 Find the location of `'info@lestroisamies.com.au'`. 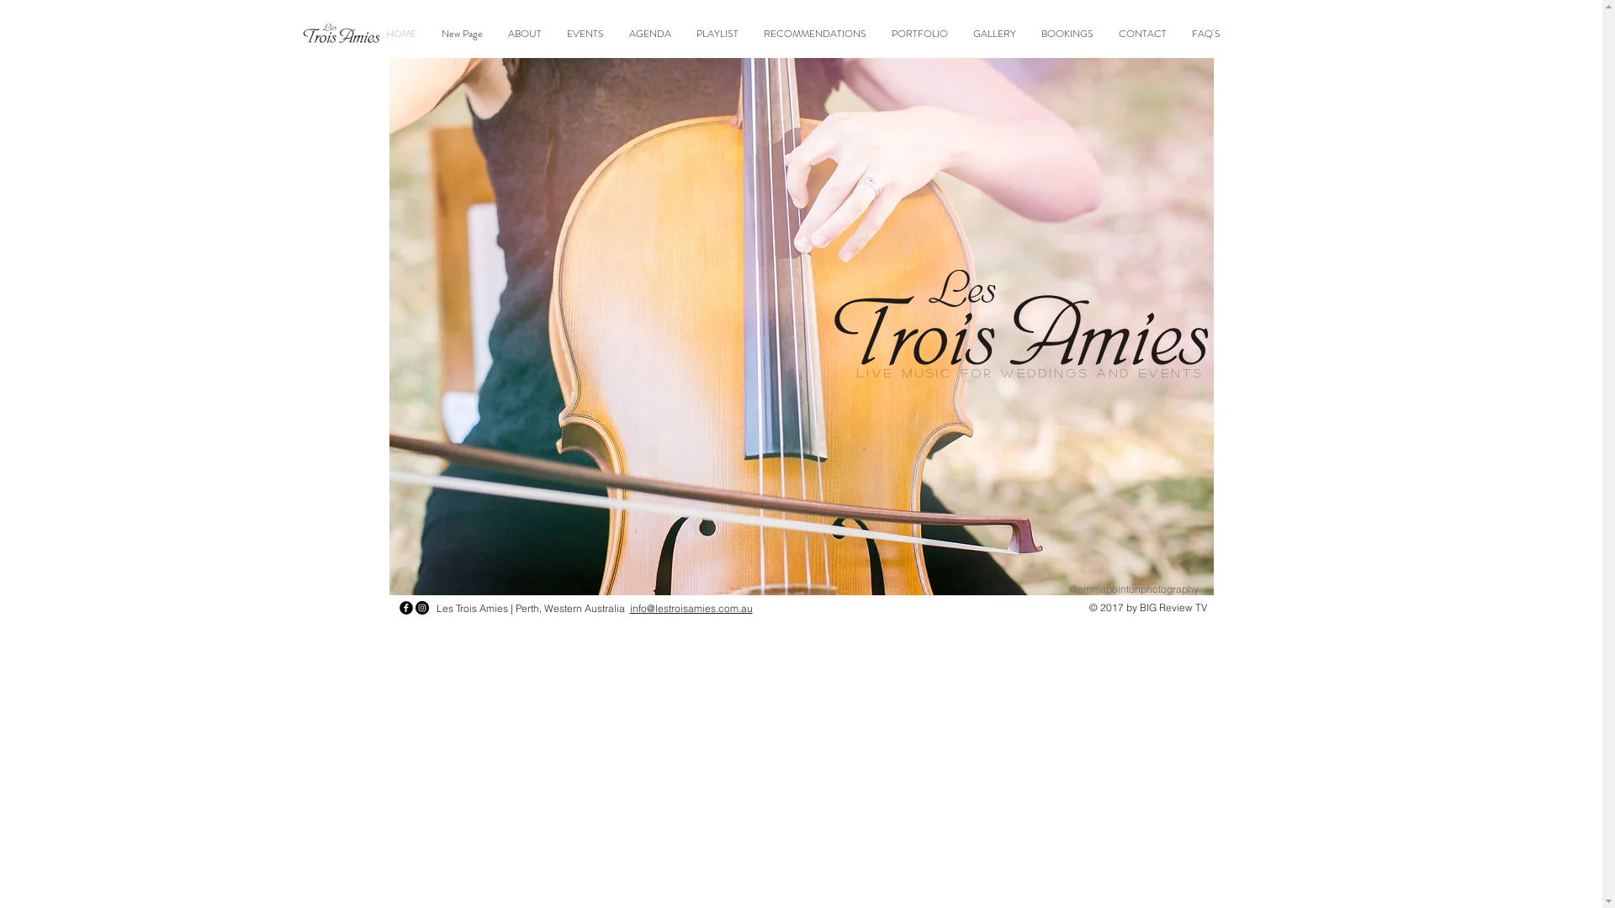

'info@lestroisamies.com.au' is located at coordinates (628, 608).